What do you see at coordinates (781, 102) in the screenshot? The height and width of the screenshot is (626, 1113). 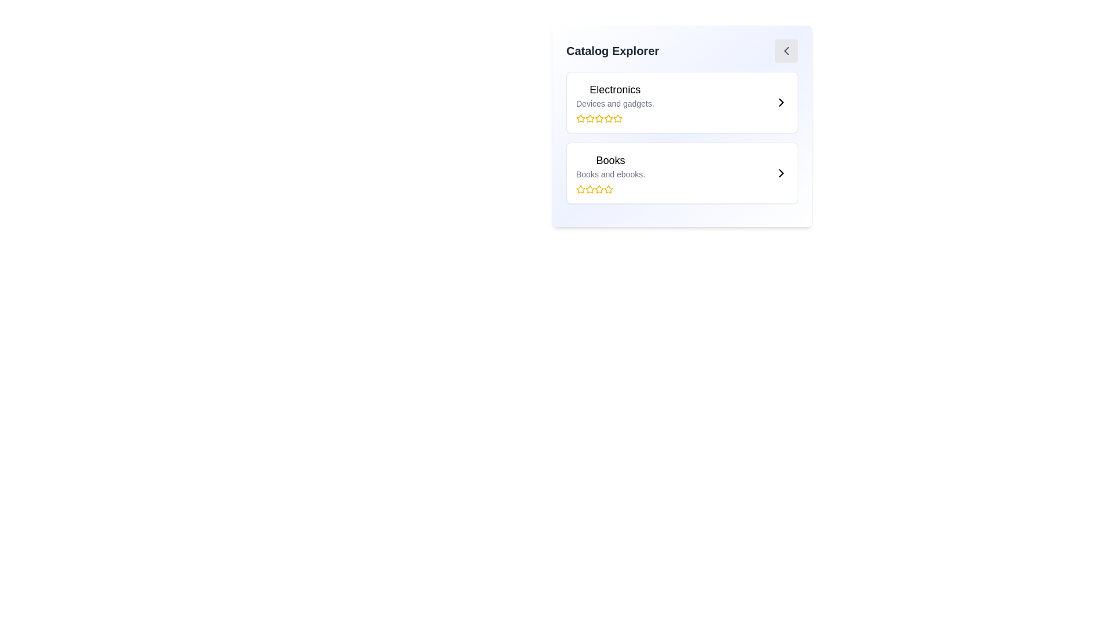 I see `the clickable icon indicating the 'Electronics' category, which is aligned vertically with the 'Electronics' title` at bounding box center [781, 102].